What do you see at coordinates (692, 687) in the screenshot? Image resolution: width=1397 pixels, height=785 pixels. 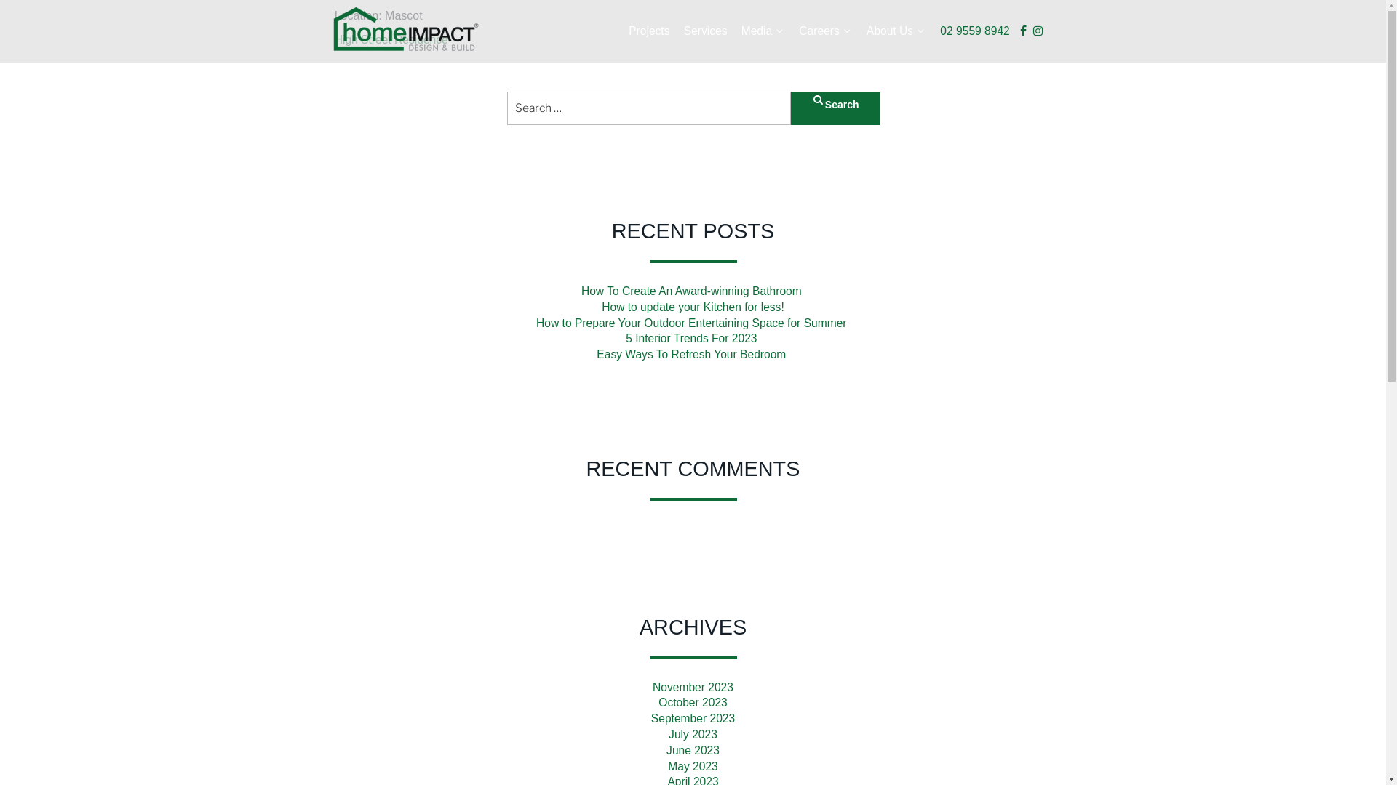 I see `'November 2023'` at bounding box center [692, 687].